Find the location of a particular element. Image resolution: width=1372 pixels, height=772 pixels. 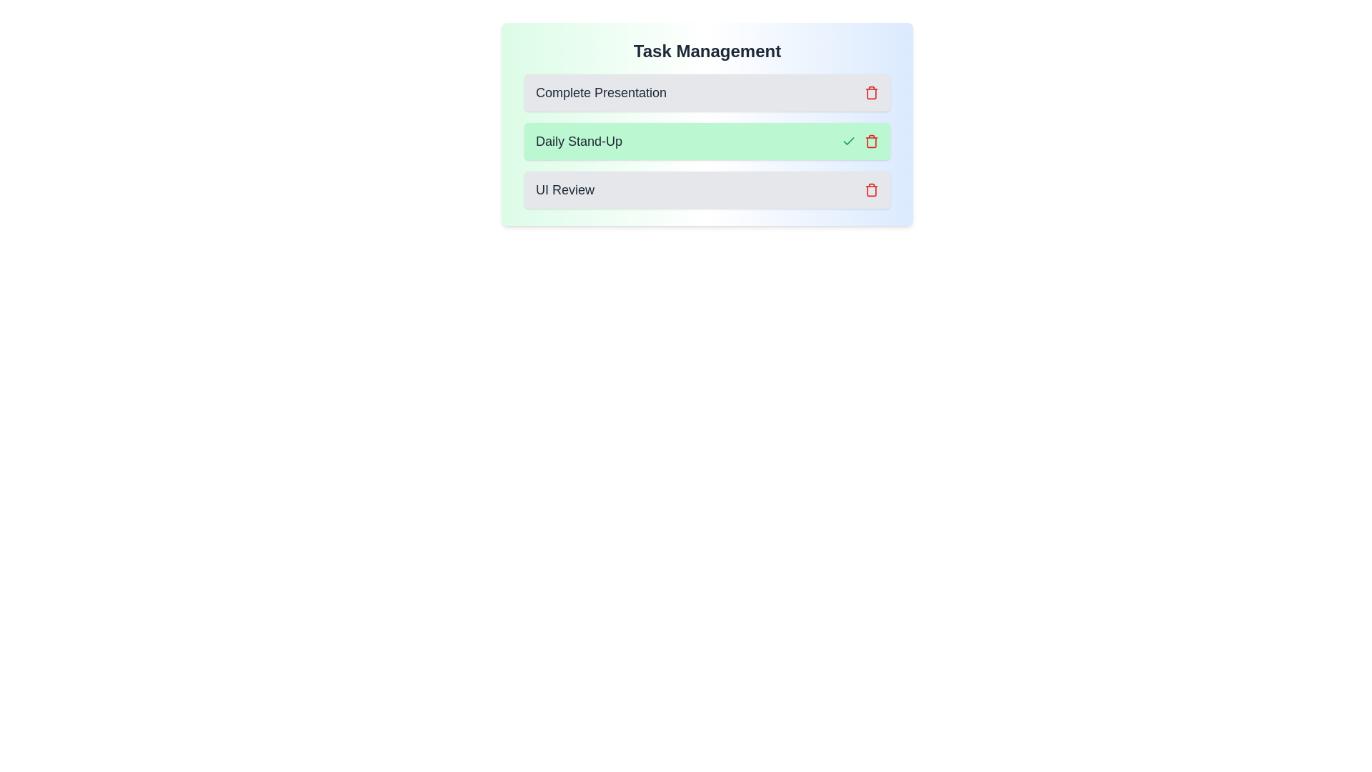

trash icon for the task named Complete Presentation is located at coordinates (870, 93).